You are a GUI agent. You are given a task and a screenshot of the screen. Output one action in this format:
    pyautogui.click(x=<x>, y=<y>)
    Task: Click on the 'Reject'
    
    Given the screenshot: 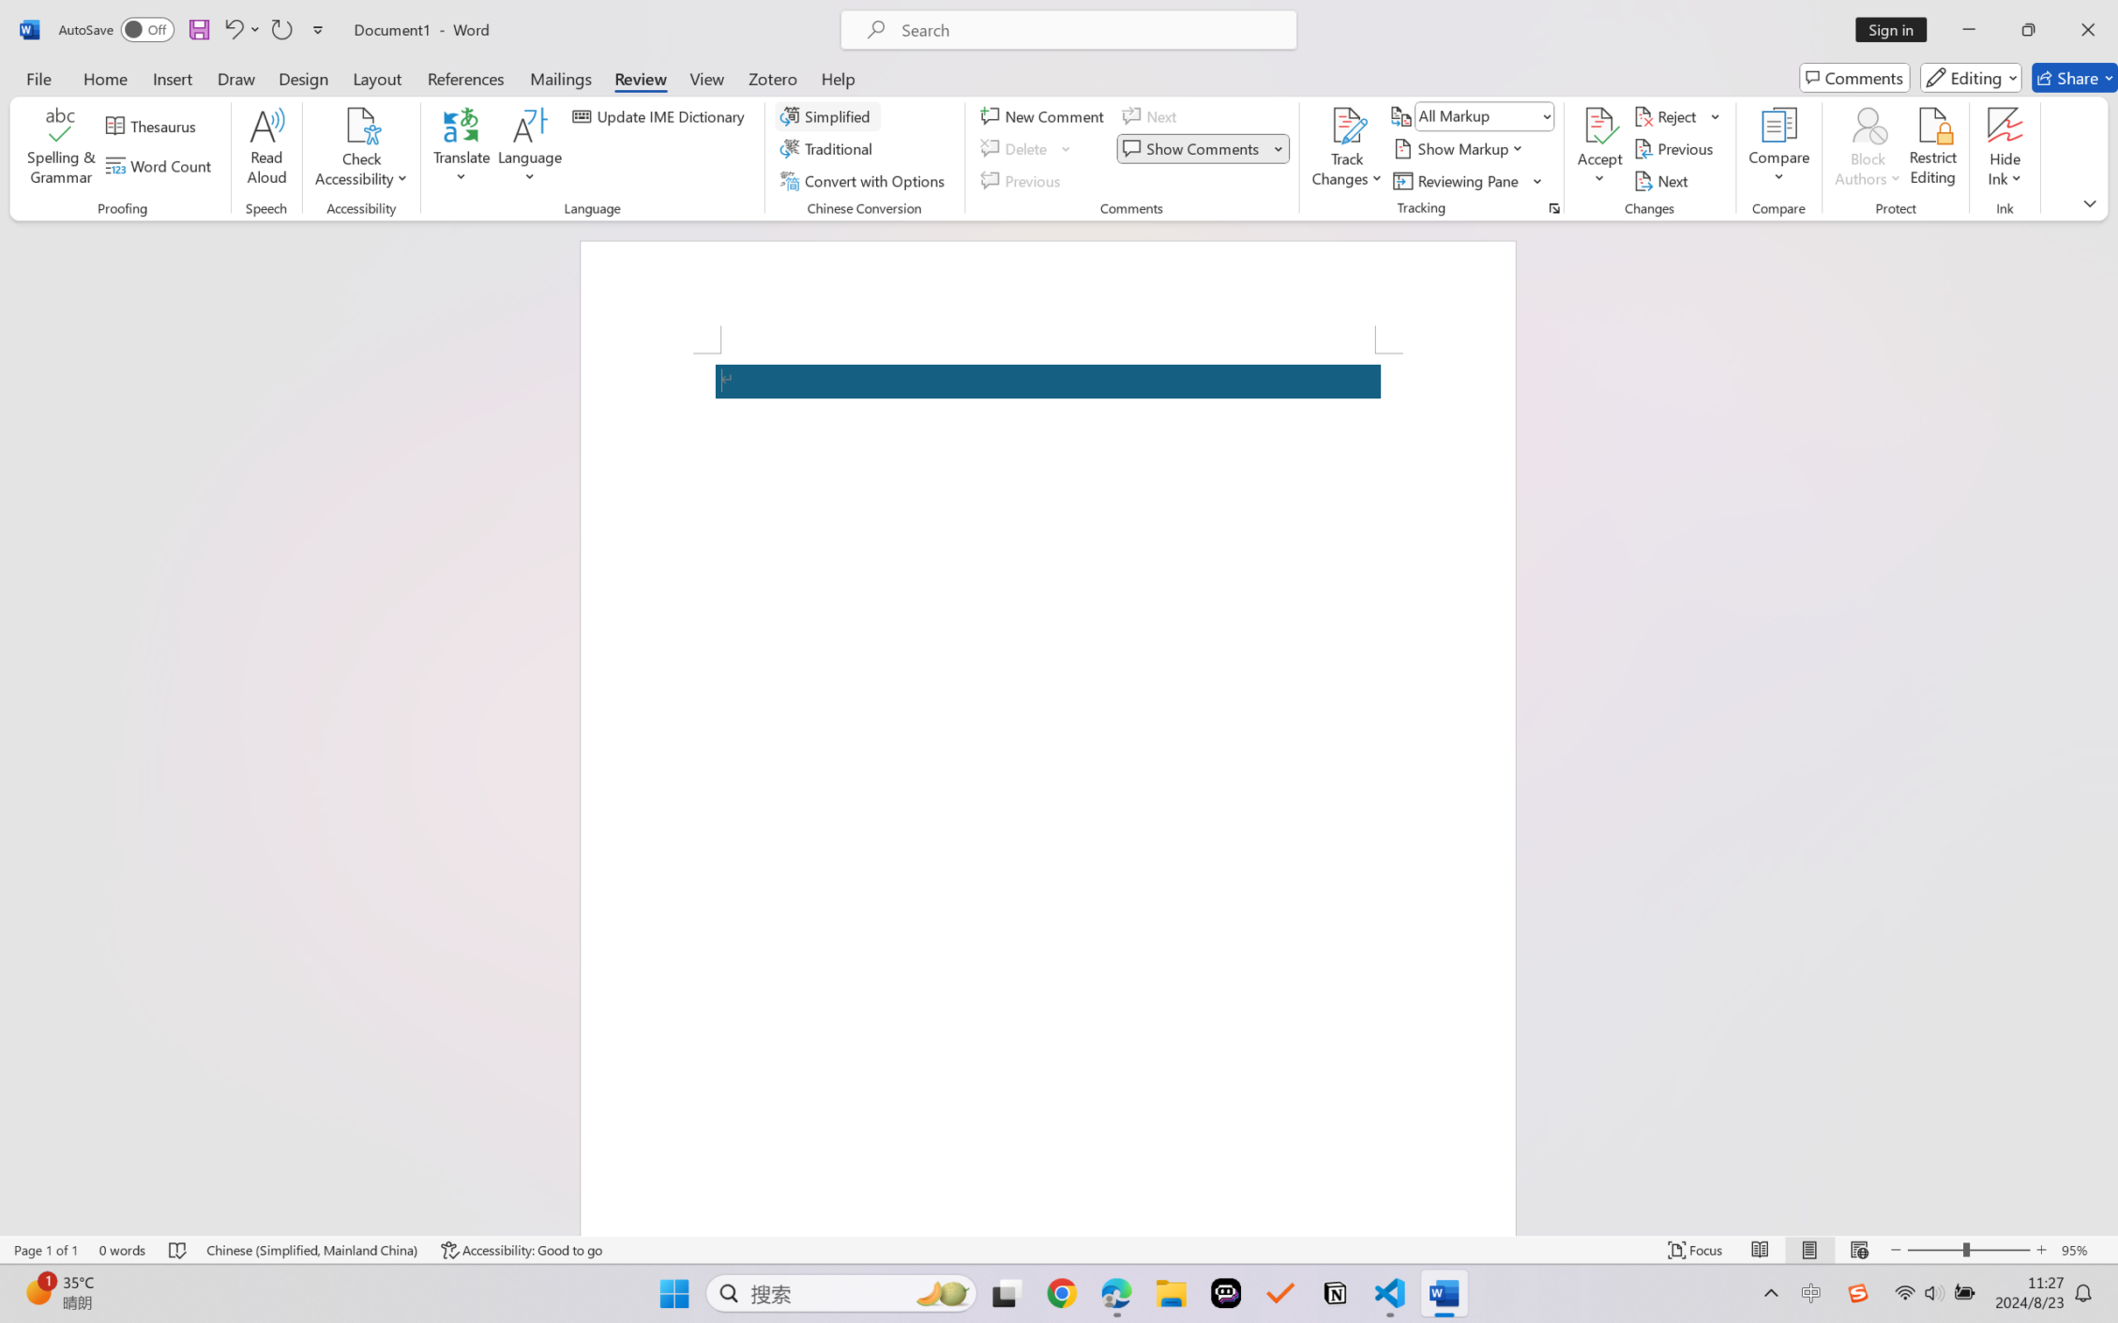 What is the action you would take?
    pyautogui.click(x=1677, y=115)
    